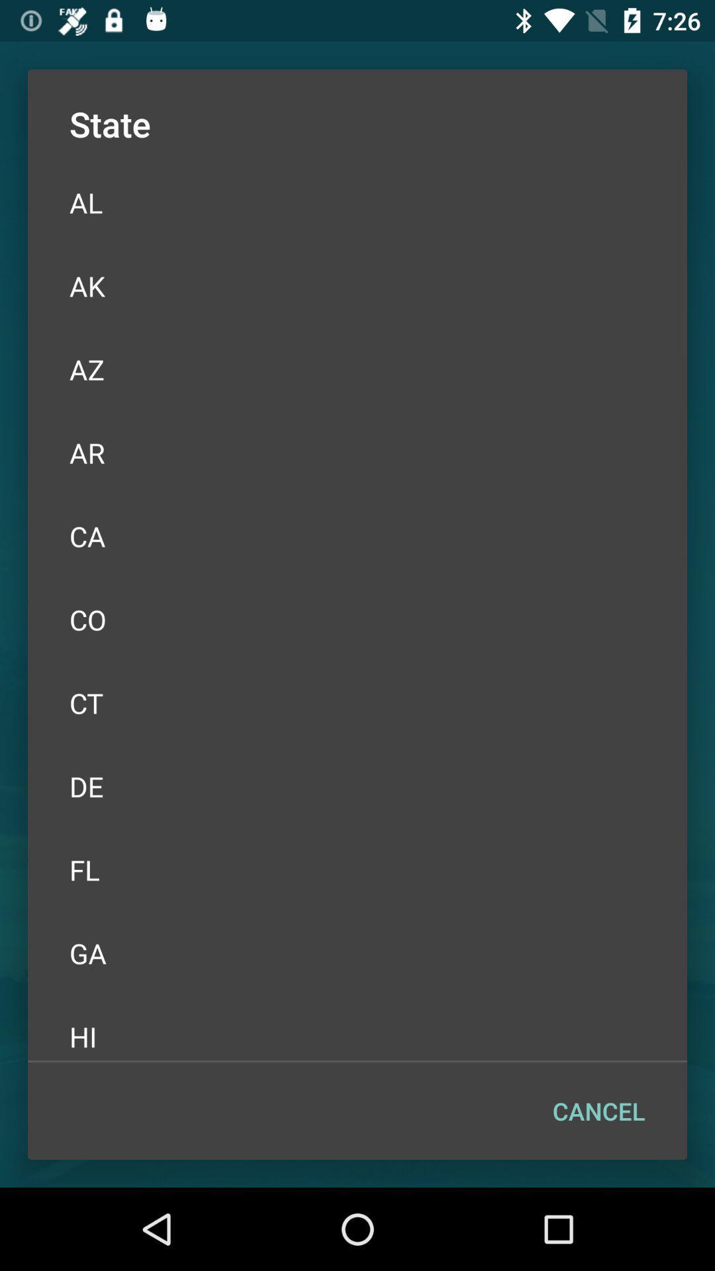 This screenshot has height=1271, width=715. Describe the element at coordinates (358, 453) in the screenshot. I see `the icon below the az item` at that location.